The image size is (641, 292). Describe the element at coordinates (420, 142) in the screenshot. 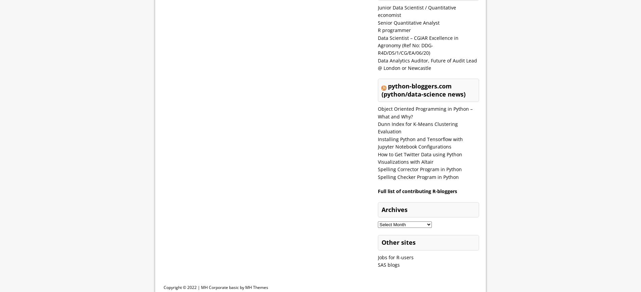

I see `'Installing Python and Tensorflow with Jupyter Notebook Configurations'` at that location.